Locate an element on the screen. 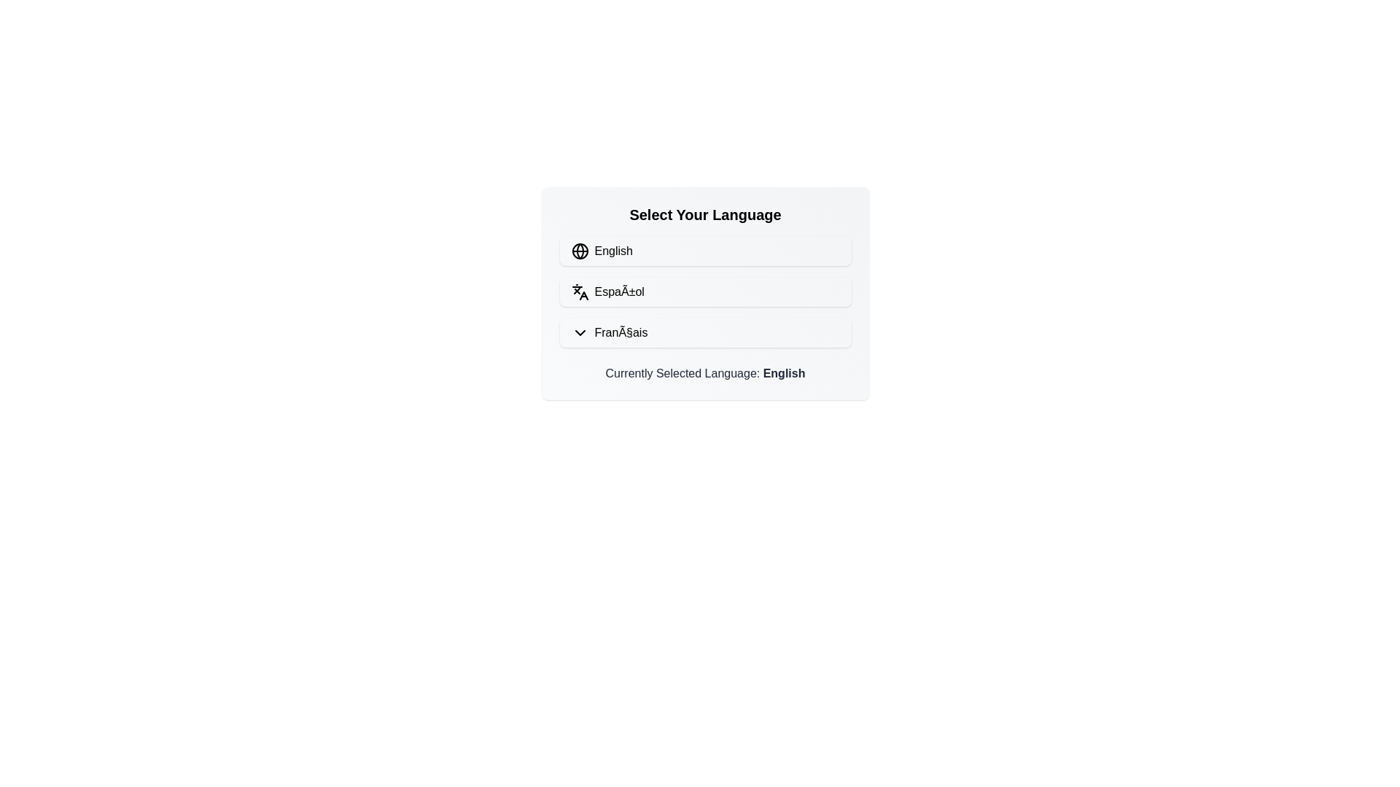 This screenshot has height=787, width=1400. the text label 'FranÃ§ais' in the language selection dropdown menu is located at coordinates (621, 332).